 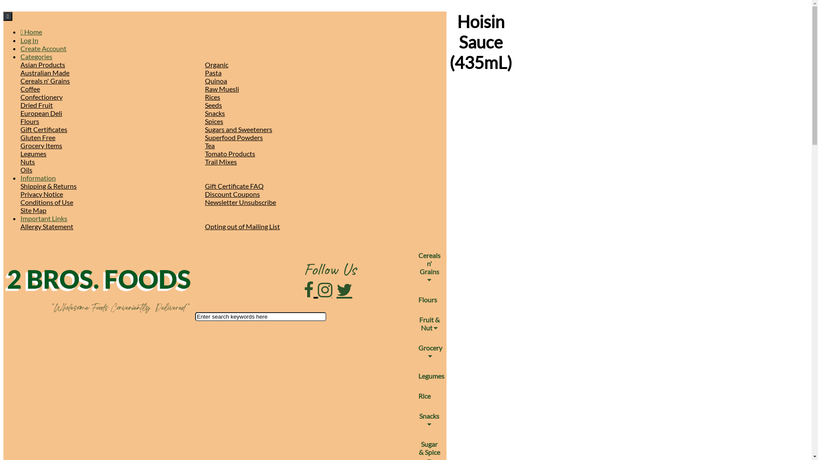 What do you see at coordinates (20, 194) in the screenshot?
I see `'Privacy Notice'` at bounding box center [20, 194].